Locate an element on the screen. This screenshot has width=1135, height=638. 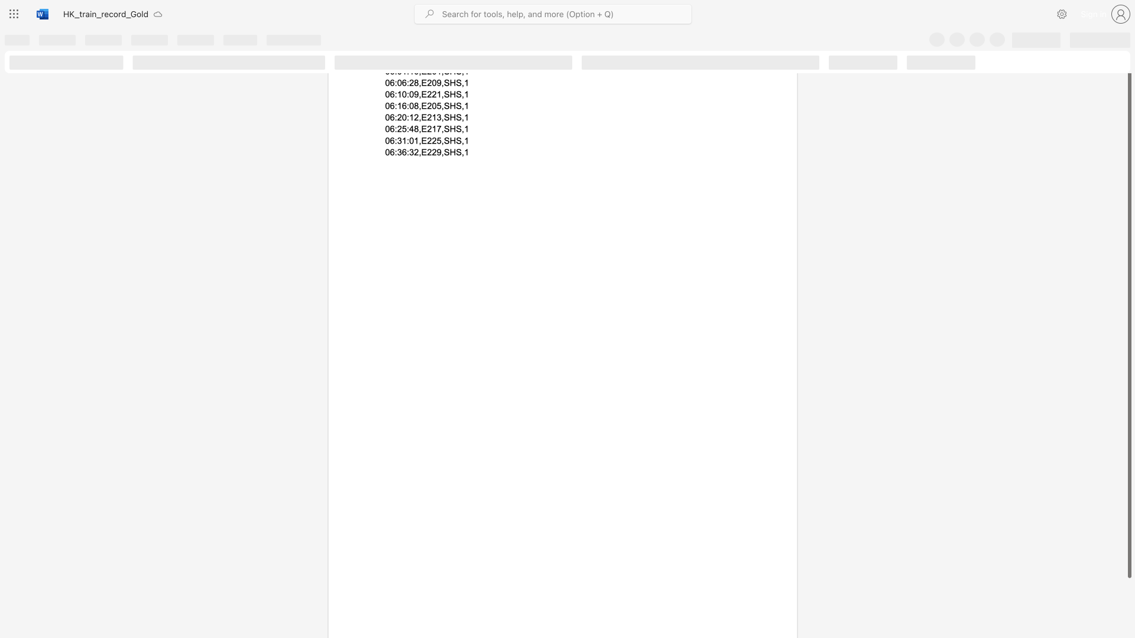
the scrollbar and move up 40 pixels is located at coordinates (1128, 318).